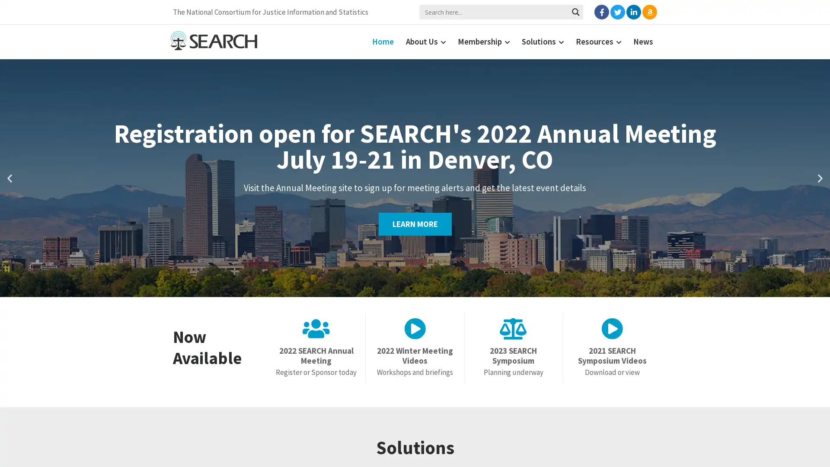 The height and width of the screenshot is (467, 830). I want to click on Previous slide, so click(10, 177).